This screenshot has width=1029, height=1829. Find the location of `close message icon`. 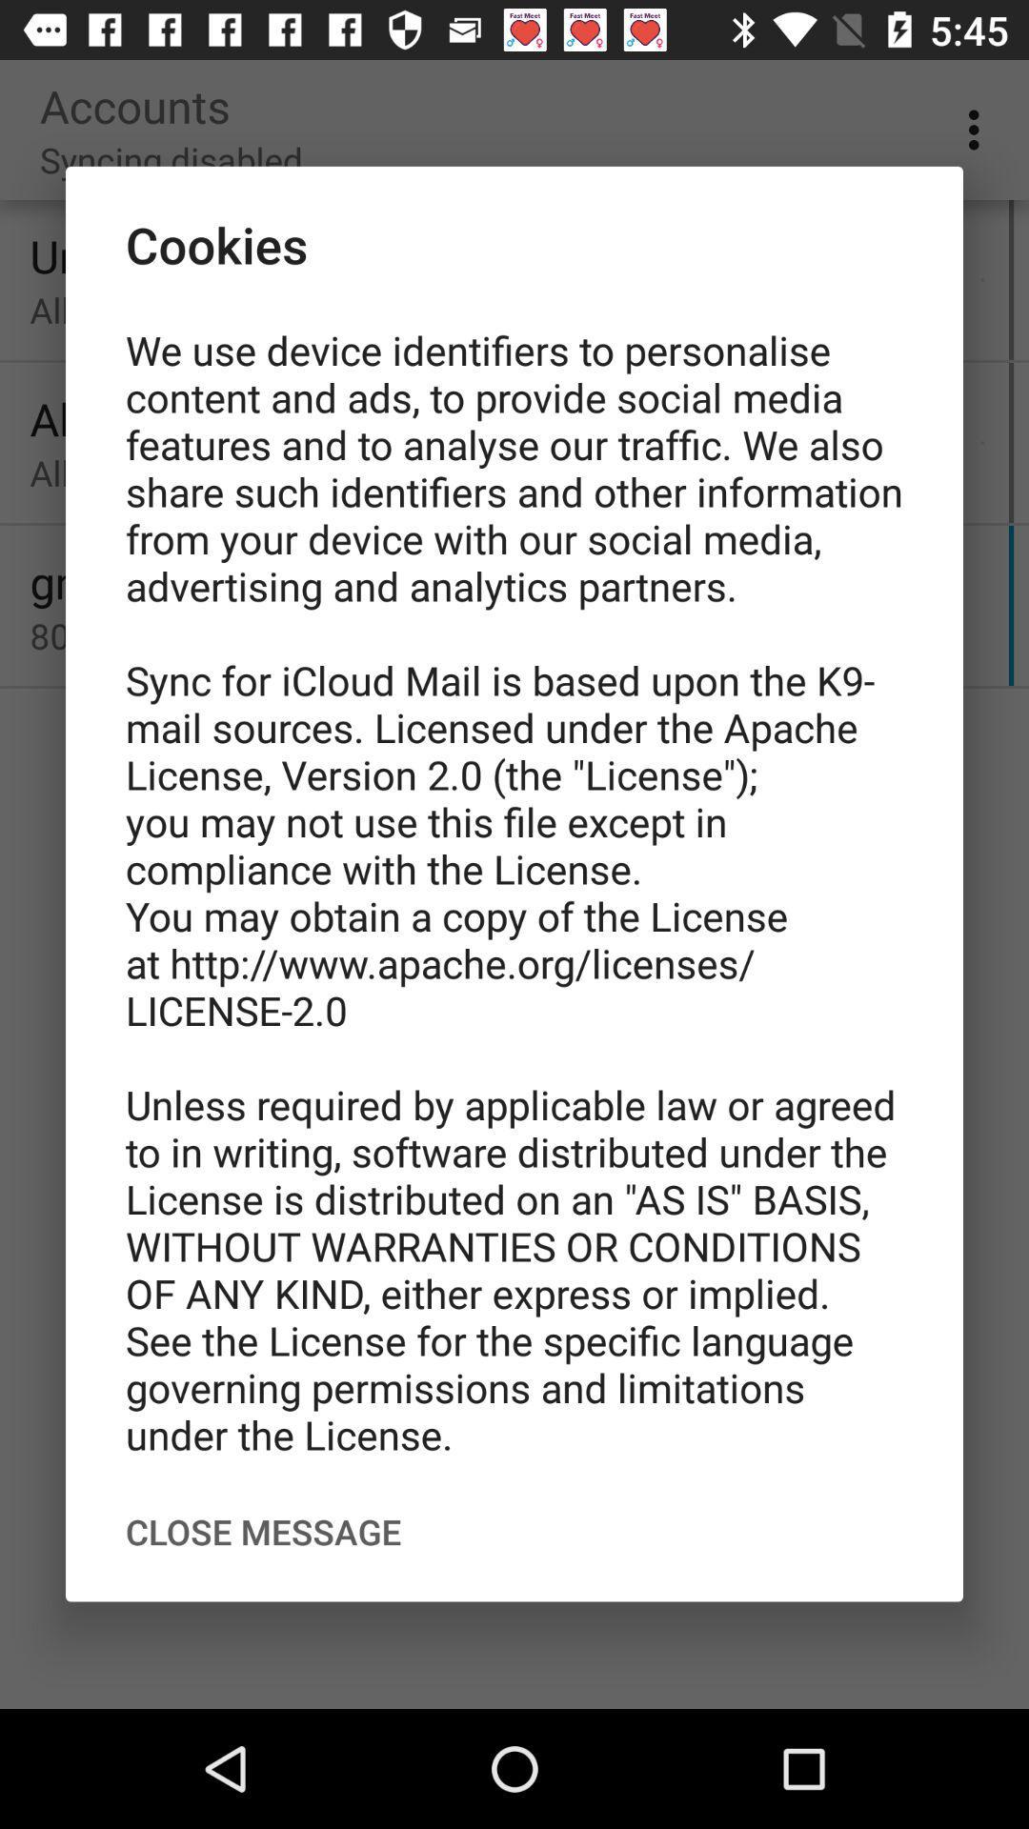

close message icon is located at coordinates (263, 1532).